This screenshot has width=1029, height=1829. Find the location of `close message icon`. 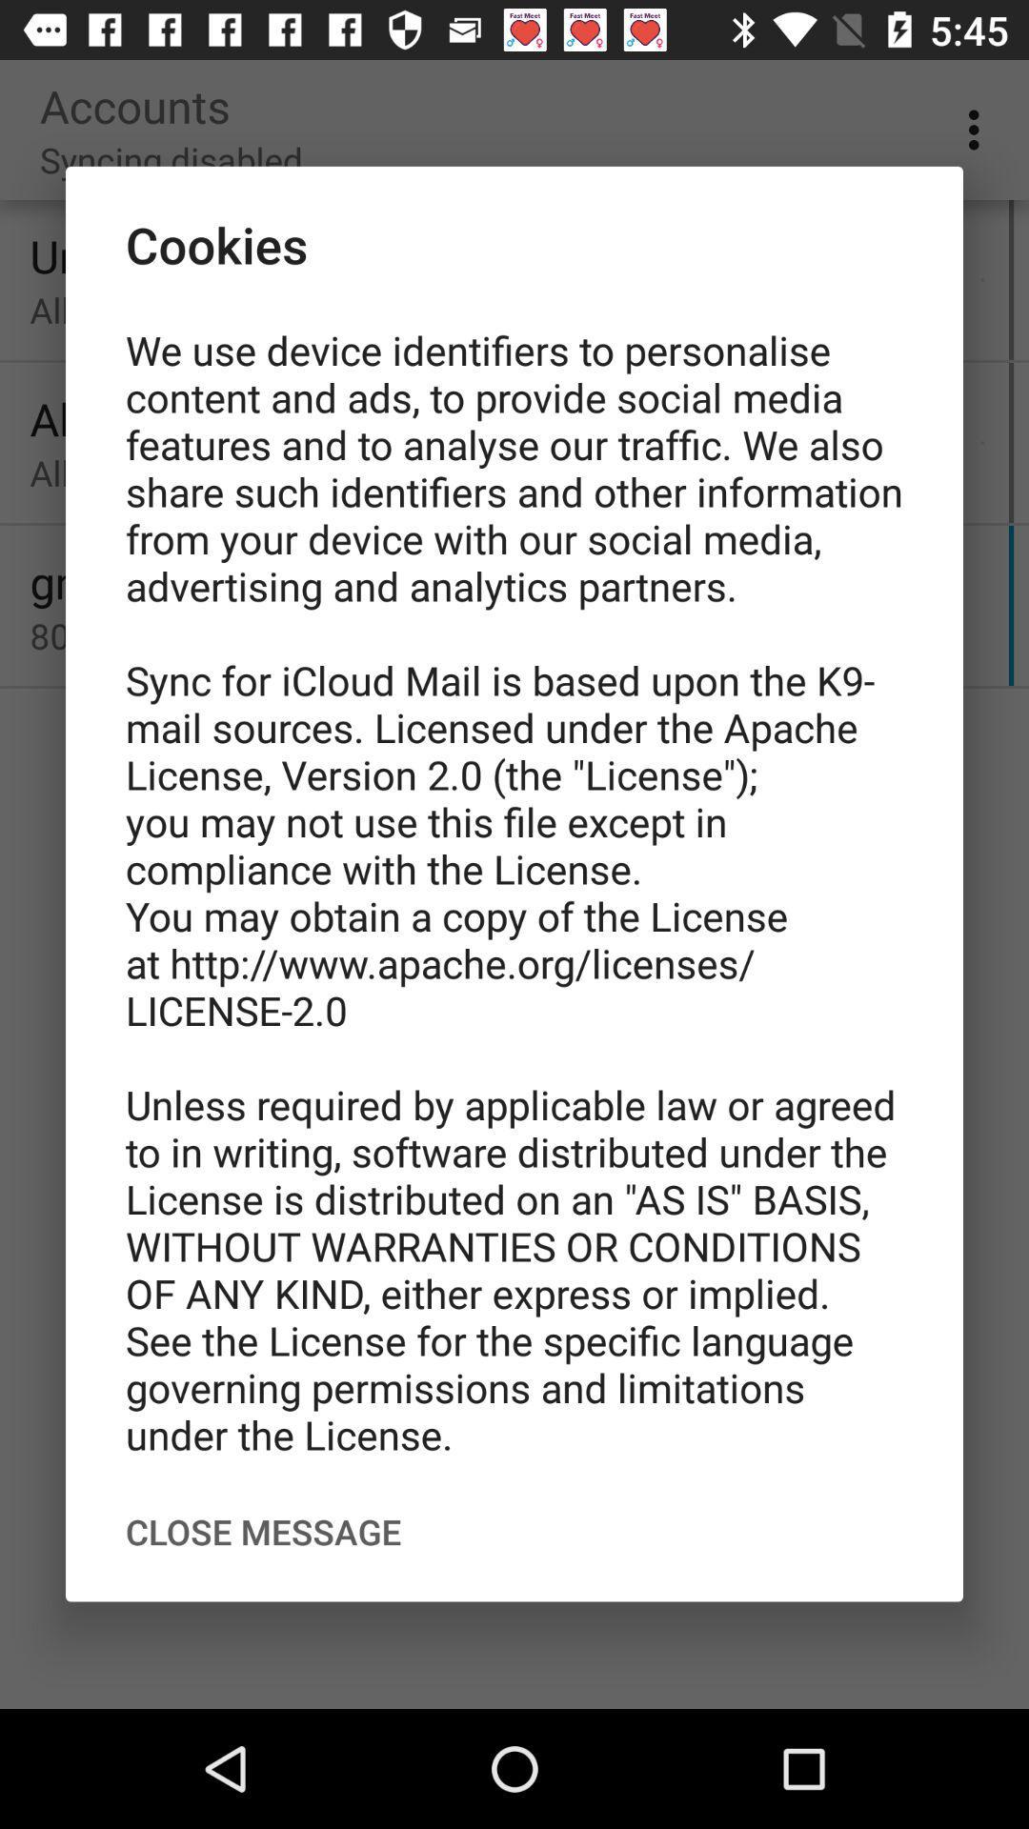

close message icon is located at coordinates (263, 1532).